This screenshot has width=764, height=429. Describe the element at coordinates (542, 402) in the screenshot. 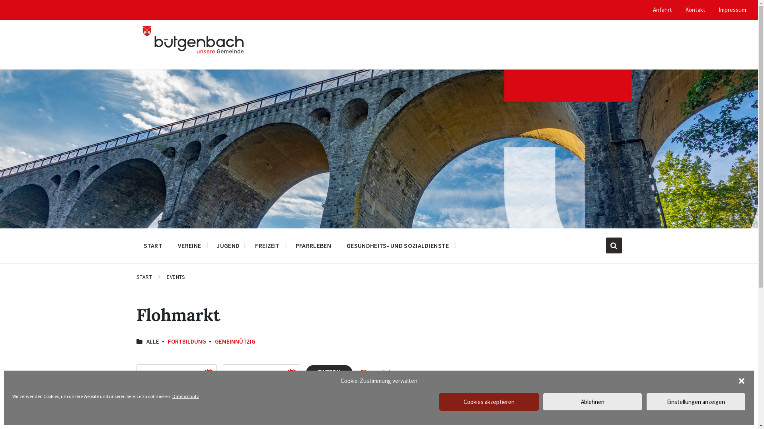

I see `'Ablehnen'` at that location.